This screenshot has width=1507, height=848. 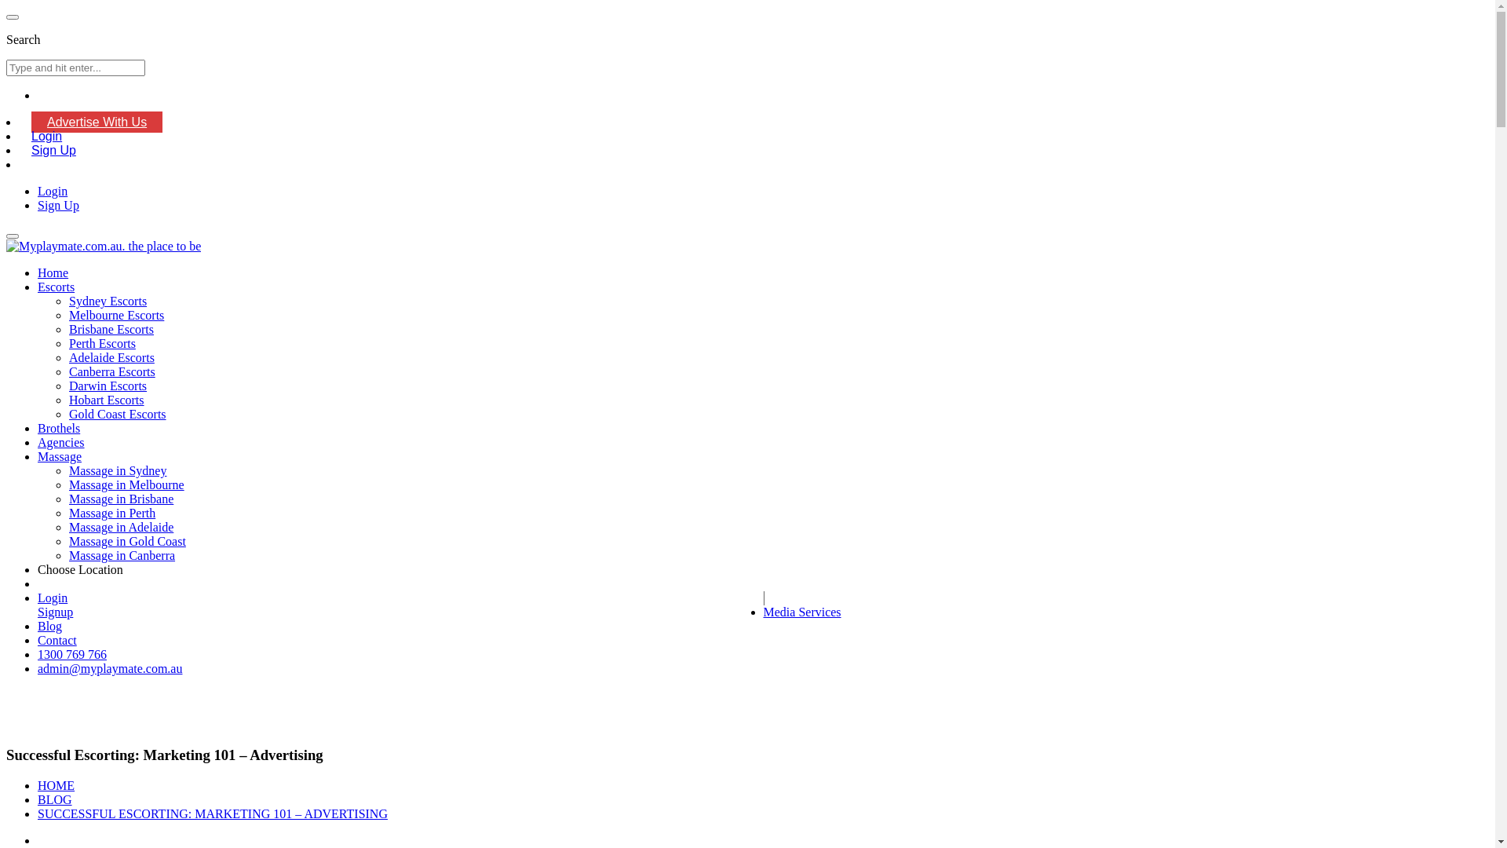 I want to click on 'Massage in Gold Coast', so click(x=68, y=540).